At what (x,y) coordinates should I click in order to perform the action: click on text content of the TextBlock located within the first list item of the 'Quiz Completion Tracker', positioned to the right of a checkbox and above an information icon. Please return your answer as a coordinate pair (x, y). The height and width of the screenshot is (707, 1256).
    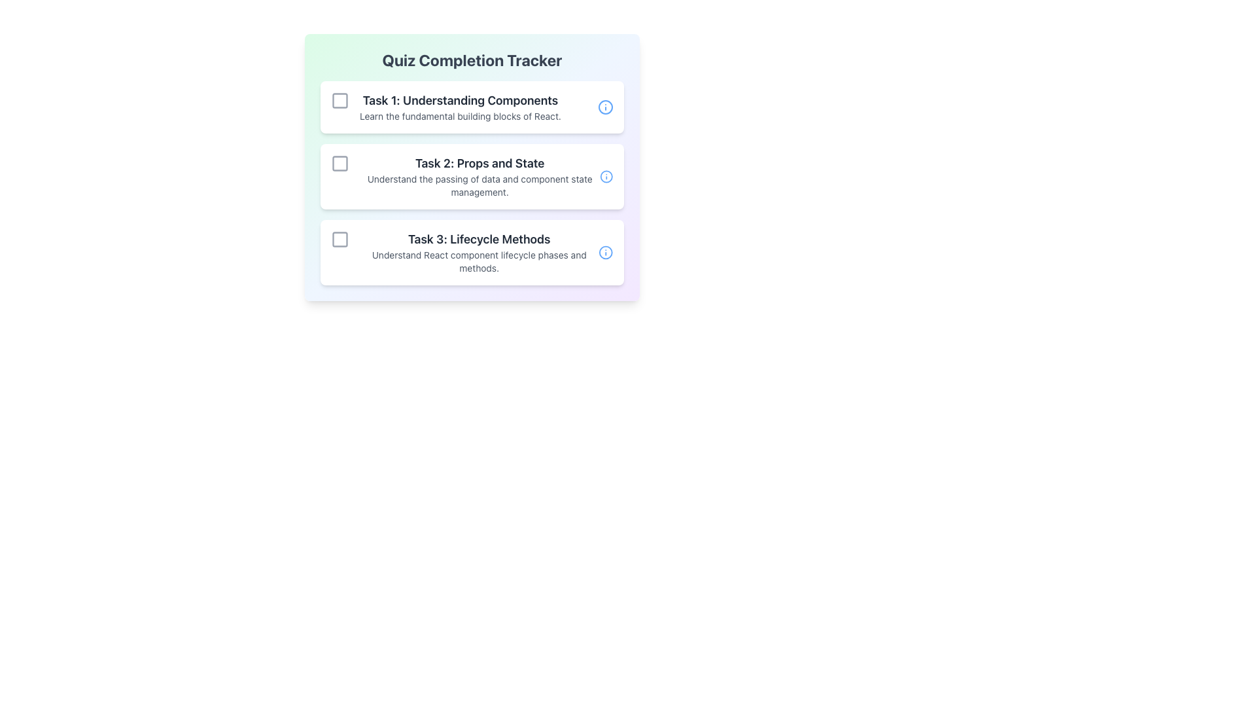
    Looking at the image, I should click on (460, 107).